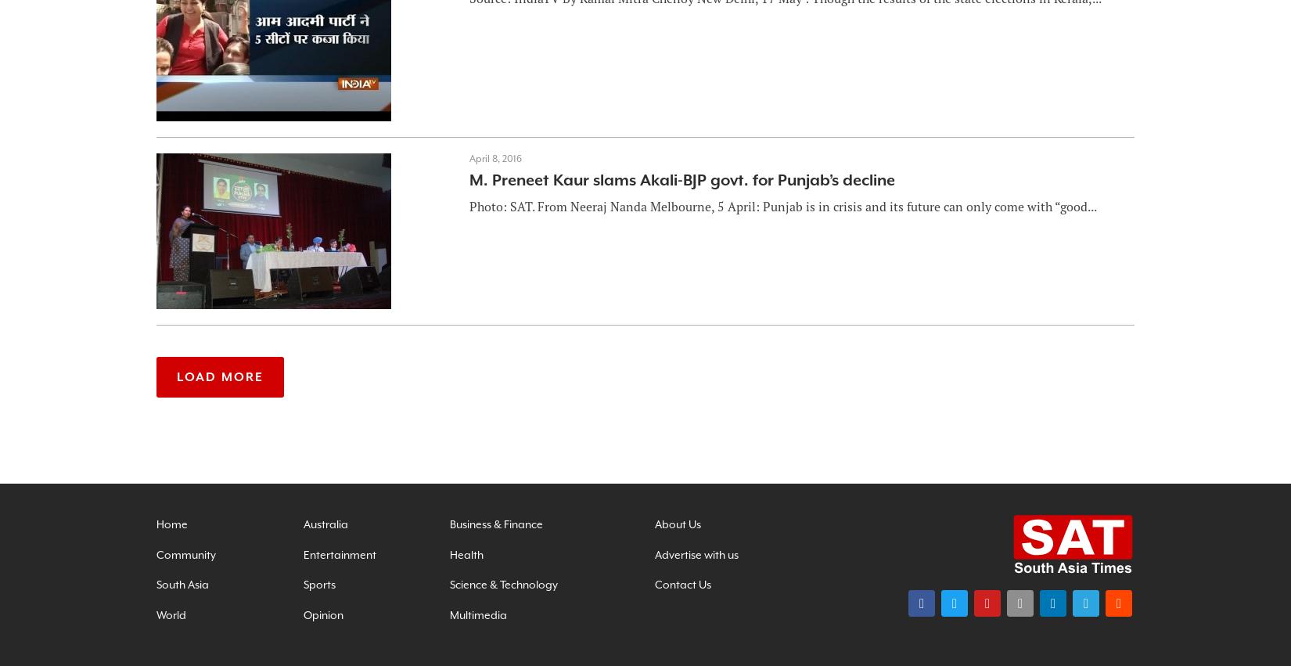  Describe the element at coordinates (681, 180) in the screenshot. I see `'M. Preneet Kaur slams Akali-BJP govt. for Punjab’s decline'` at that location.